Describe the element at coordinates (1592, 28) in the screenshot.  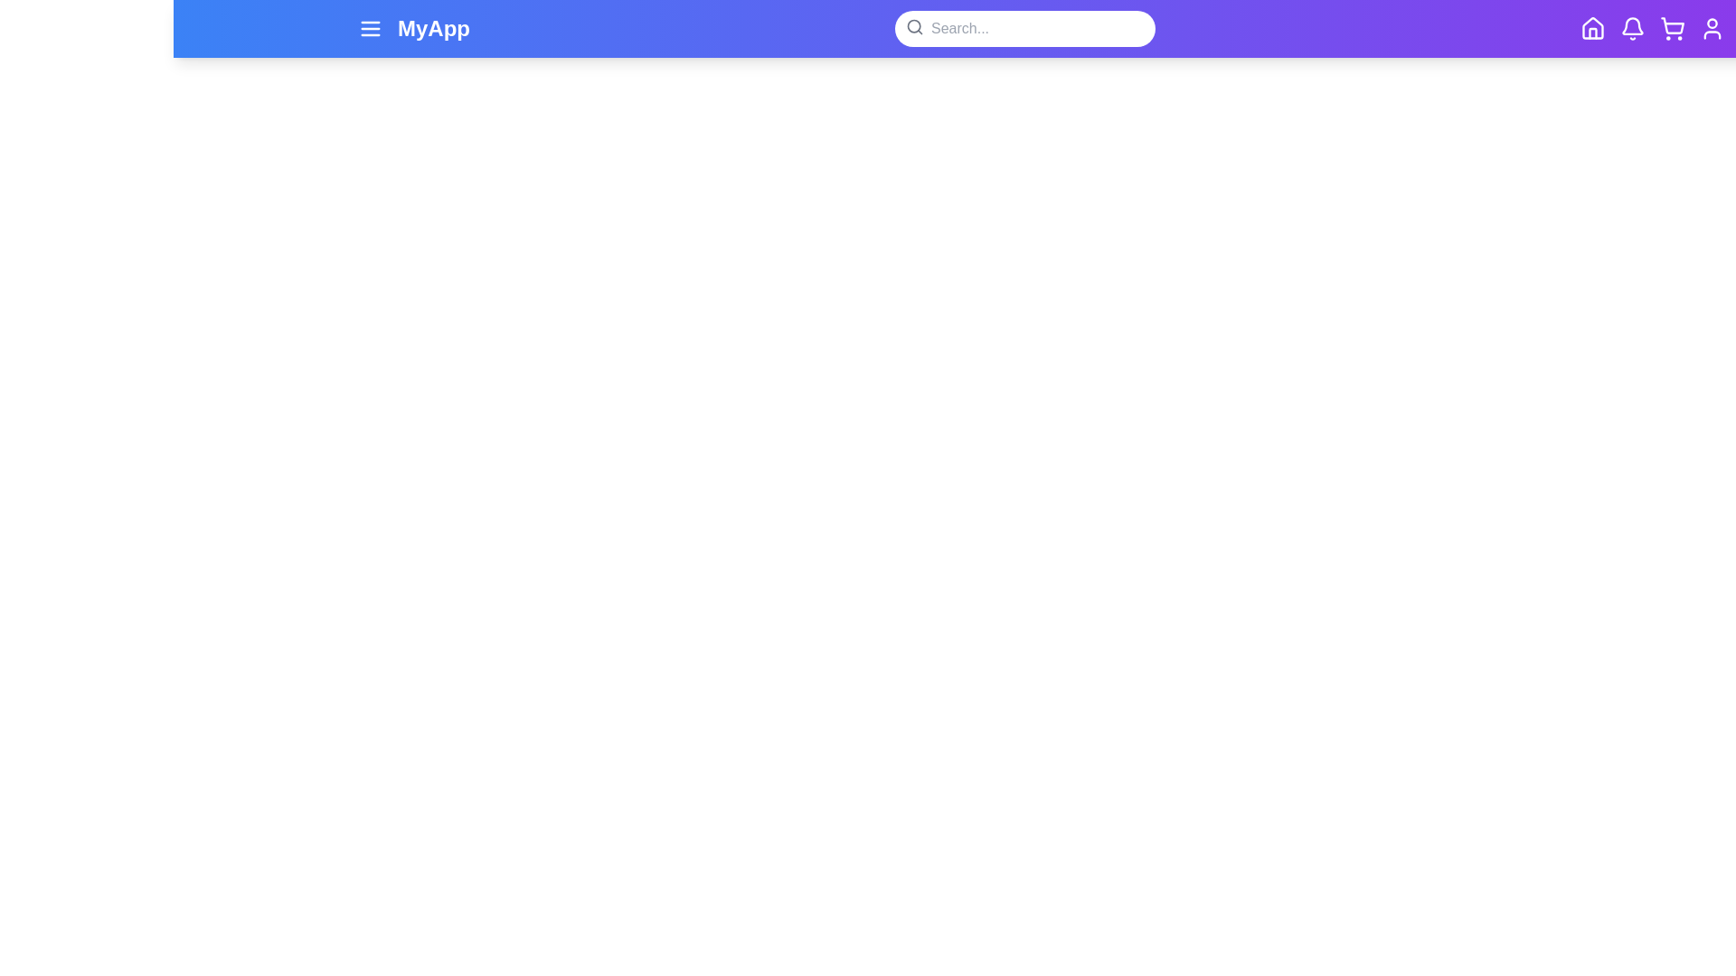
I see `the home button in the navigation bar` at that location.